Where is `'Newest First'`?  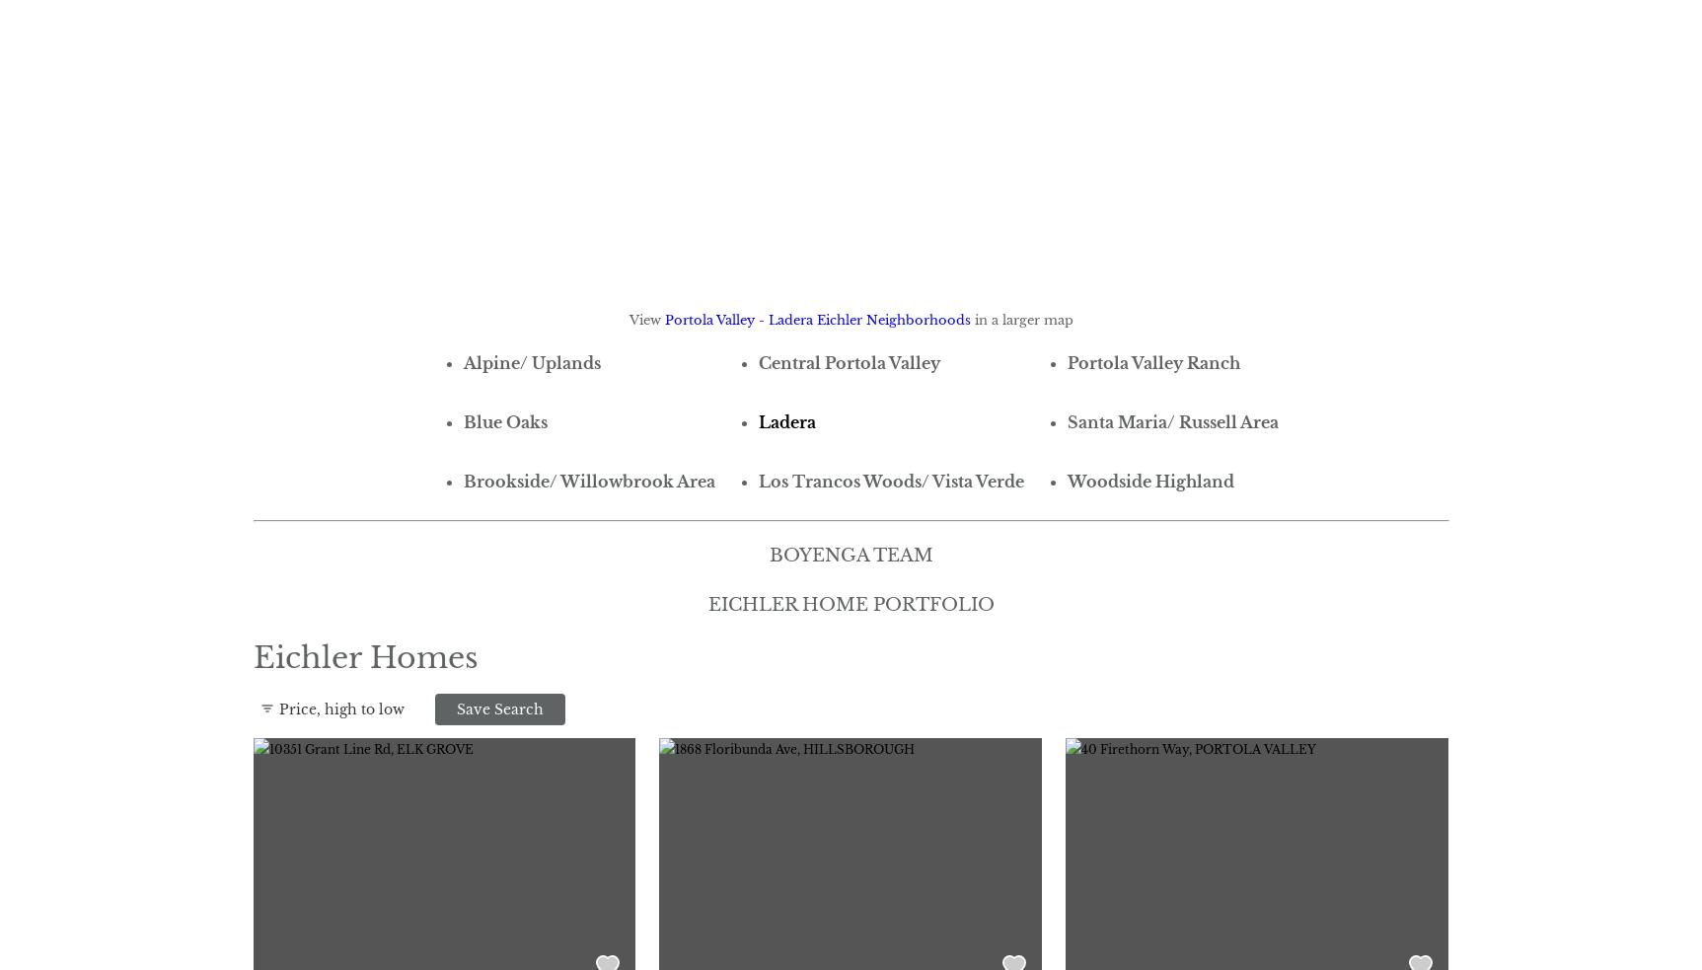
'Newest First' is located at coordinates (297, 833).